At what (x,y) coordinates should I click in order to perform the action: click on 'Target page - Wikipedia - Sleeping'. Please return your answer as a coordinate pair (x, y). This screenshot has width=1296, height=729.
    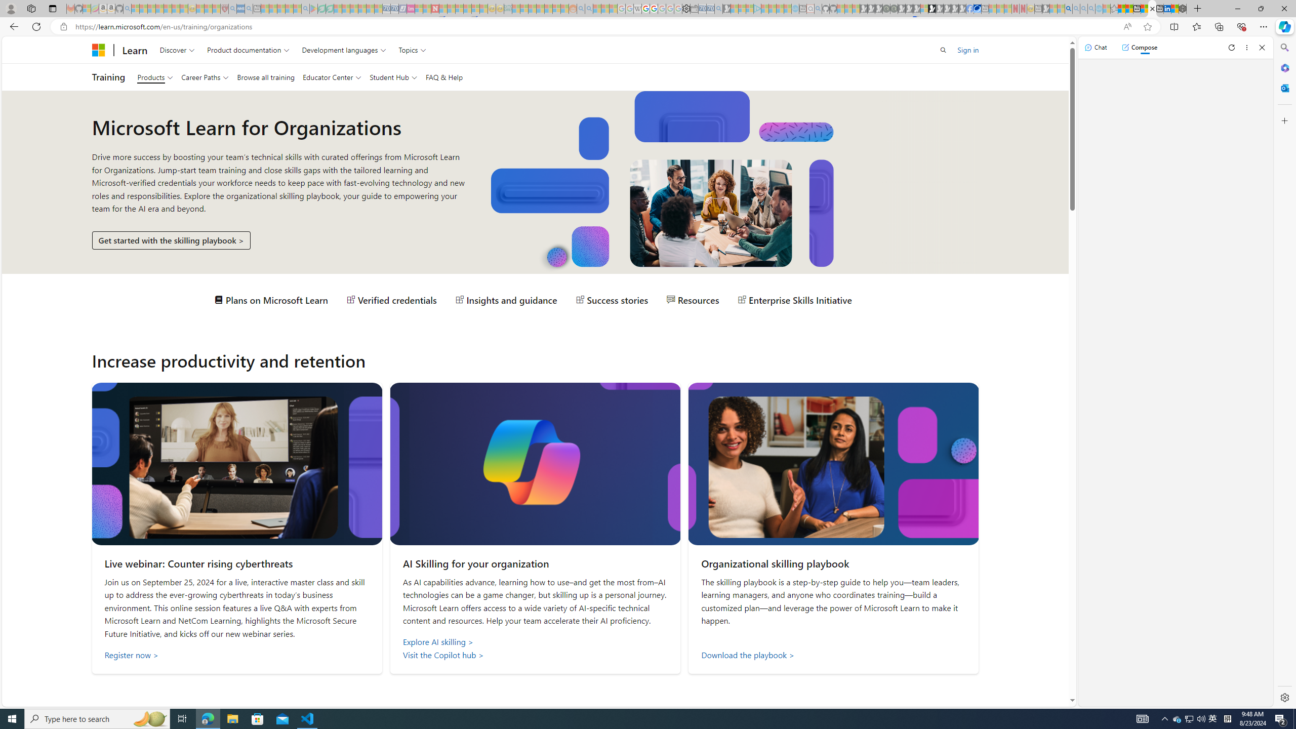
    Looking at the image, I should click on (637, 8).